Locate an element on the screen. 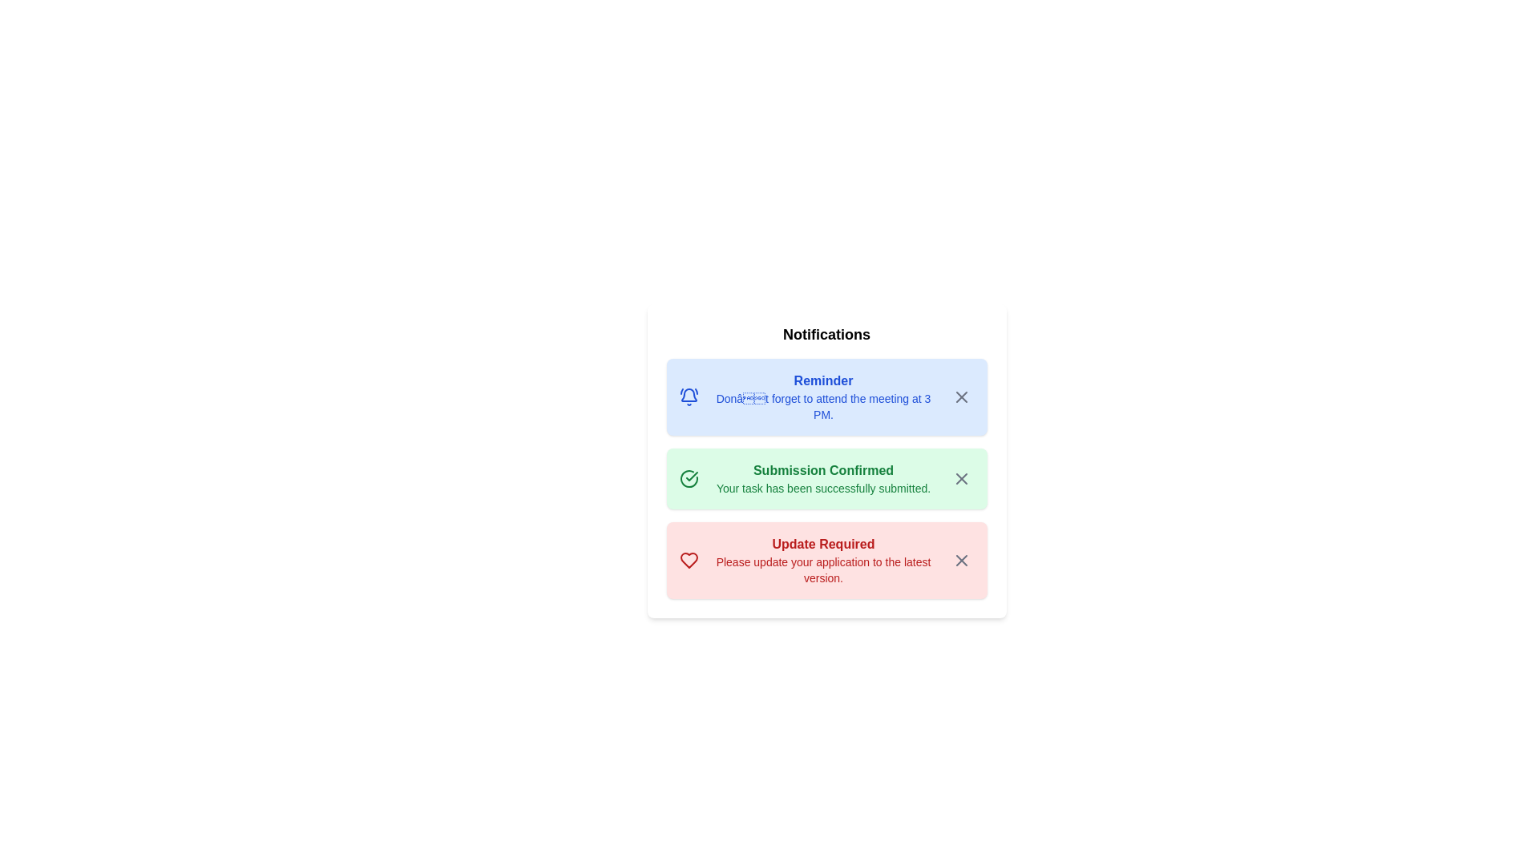  the notification icon corresponding to Submission Confirmed is located at coordinates (948, 466).